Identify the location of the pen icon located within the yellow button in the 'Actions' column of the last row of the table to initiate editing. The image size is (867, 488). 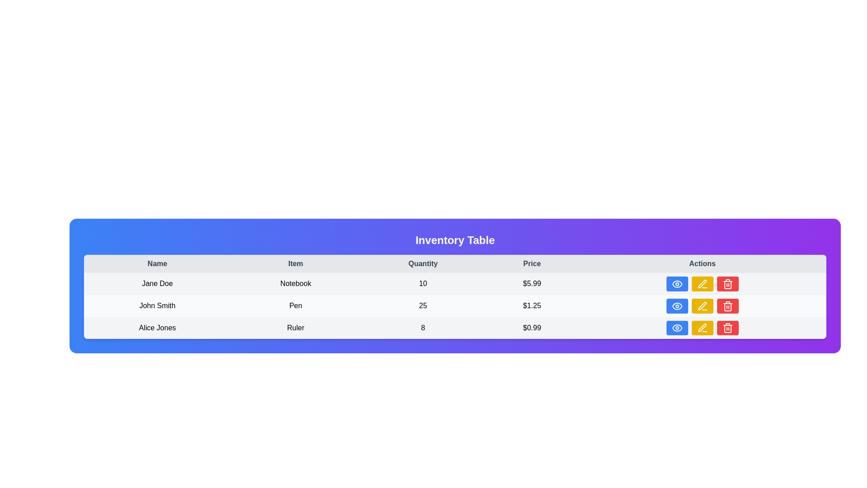
(702, 328).